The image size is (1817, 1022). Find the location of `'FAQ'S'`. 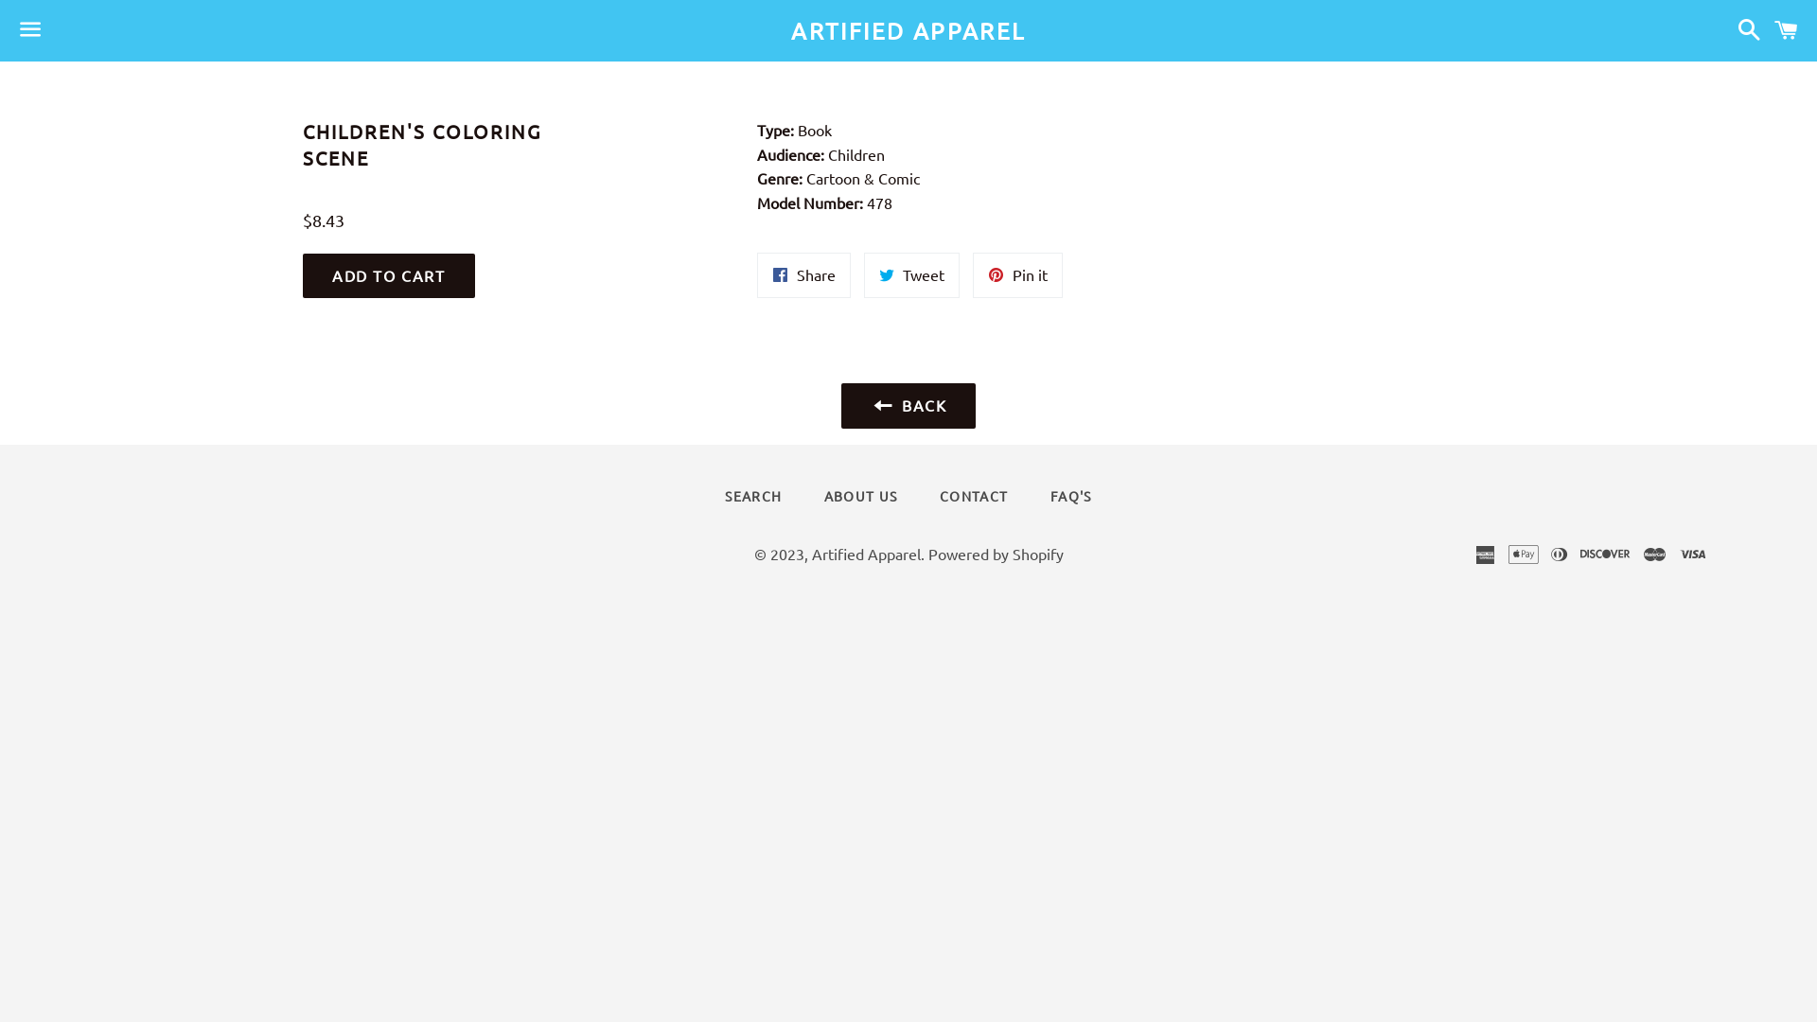

'FAQ'S' is located at coordinates (1071, 495).